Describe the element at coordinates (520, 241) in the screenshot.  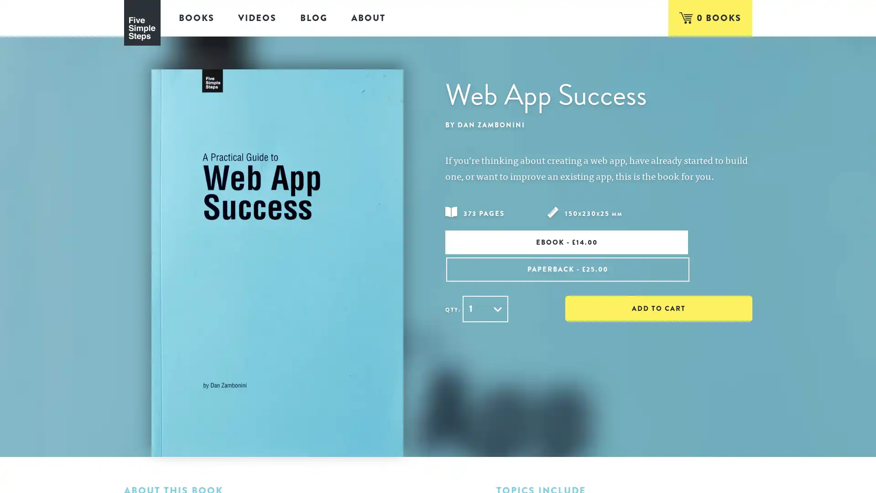
I see `EBOOK - 14.00` at that location.